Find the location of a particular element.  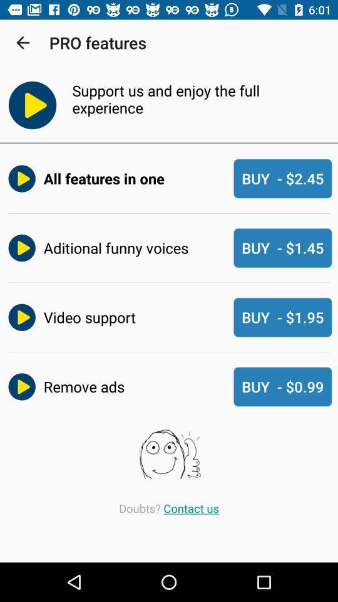

the doubts? contact us is located at coordinates (169, 508).